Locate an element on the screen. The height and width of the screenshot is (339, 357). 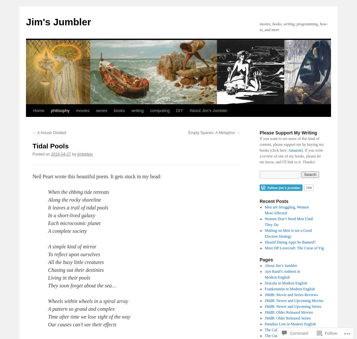
'It leaves a trail of tidal pools' is located at coordinates (78, 207).